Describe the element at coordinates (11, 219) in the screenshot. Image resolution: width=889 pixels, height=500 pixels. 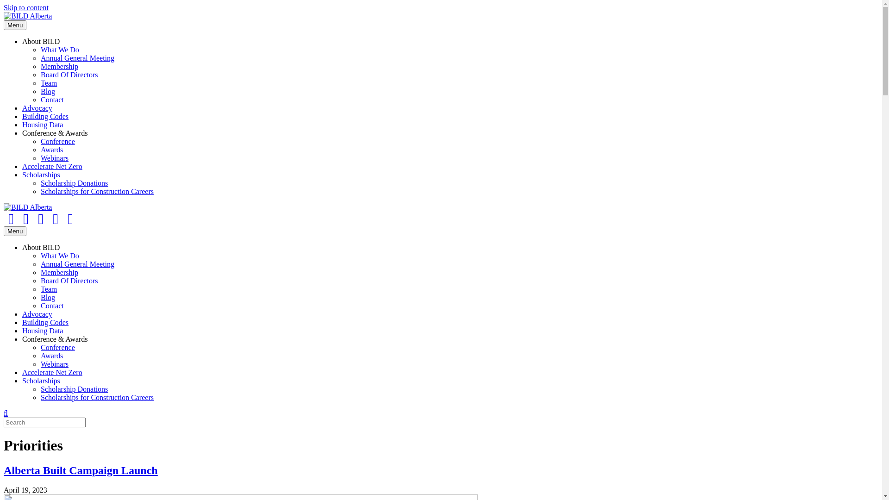
I see `'Facebook'` at that location.